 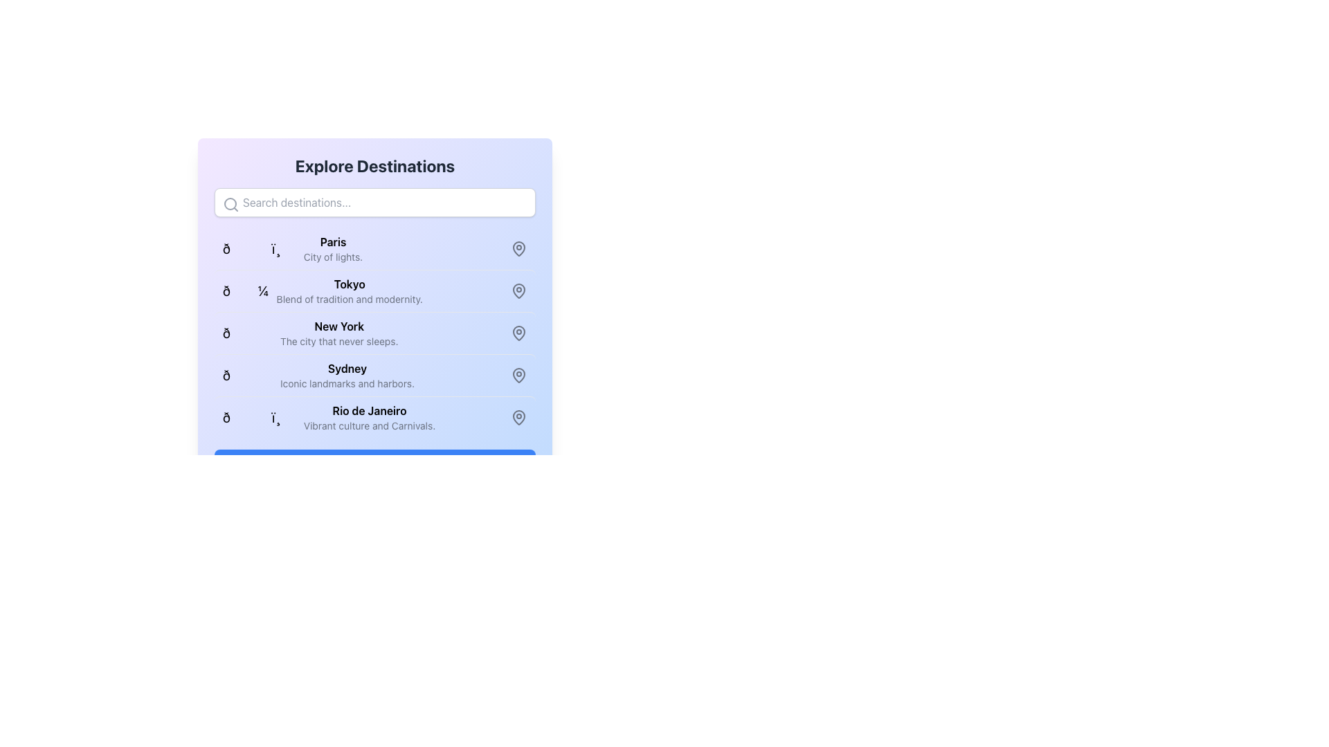 What do you see at coordinates (518, 290) in the screenshot?
I see `the gray outline map pin icon located on the right side of the 'Tokyo' list item` at bounding box center [518, 290].